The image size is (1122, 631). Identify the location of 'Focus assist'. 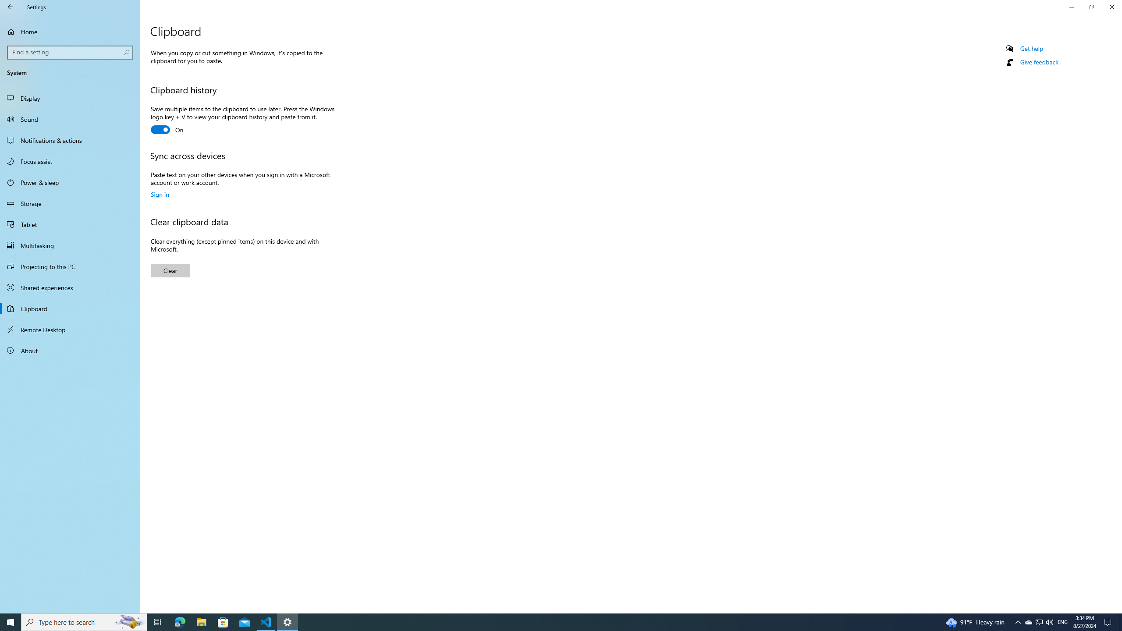
(70, 161).